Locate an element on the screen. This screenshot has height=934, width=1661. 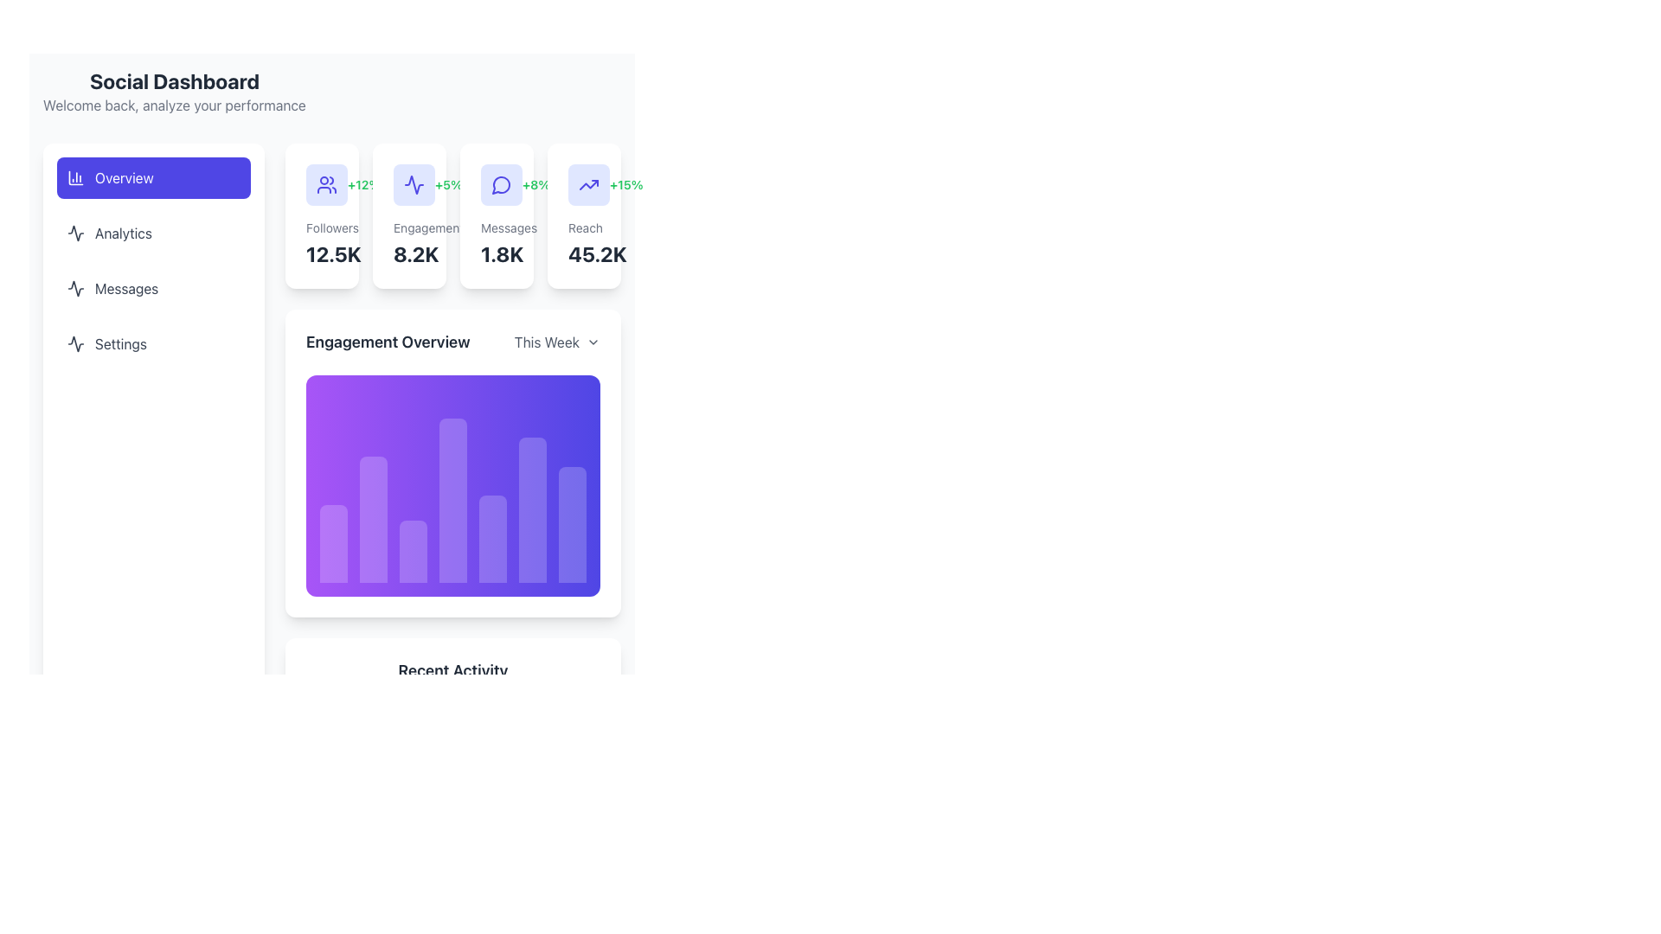
the static text label indicating the 'Overview' section within the vertical navigation menu on the left side of the interface is located at coordinates (123, 177).